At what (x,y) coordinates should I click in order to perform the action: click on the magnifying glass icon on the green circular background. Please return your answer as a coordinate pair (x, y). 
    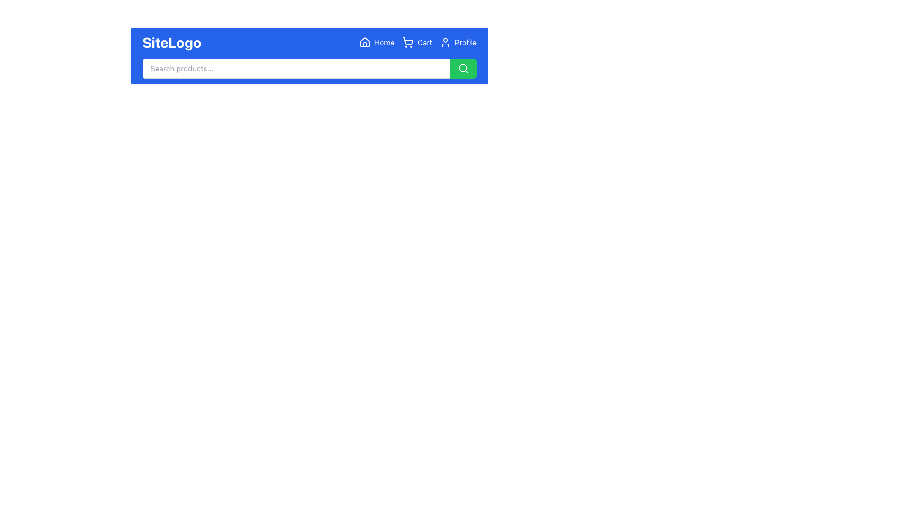
    Looking at the image, I should click on (463, 68).